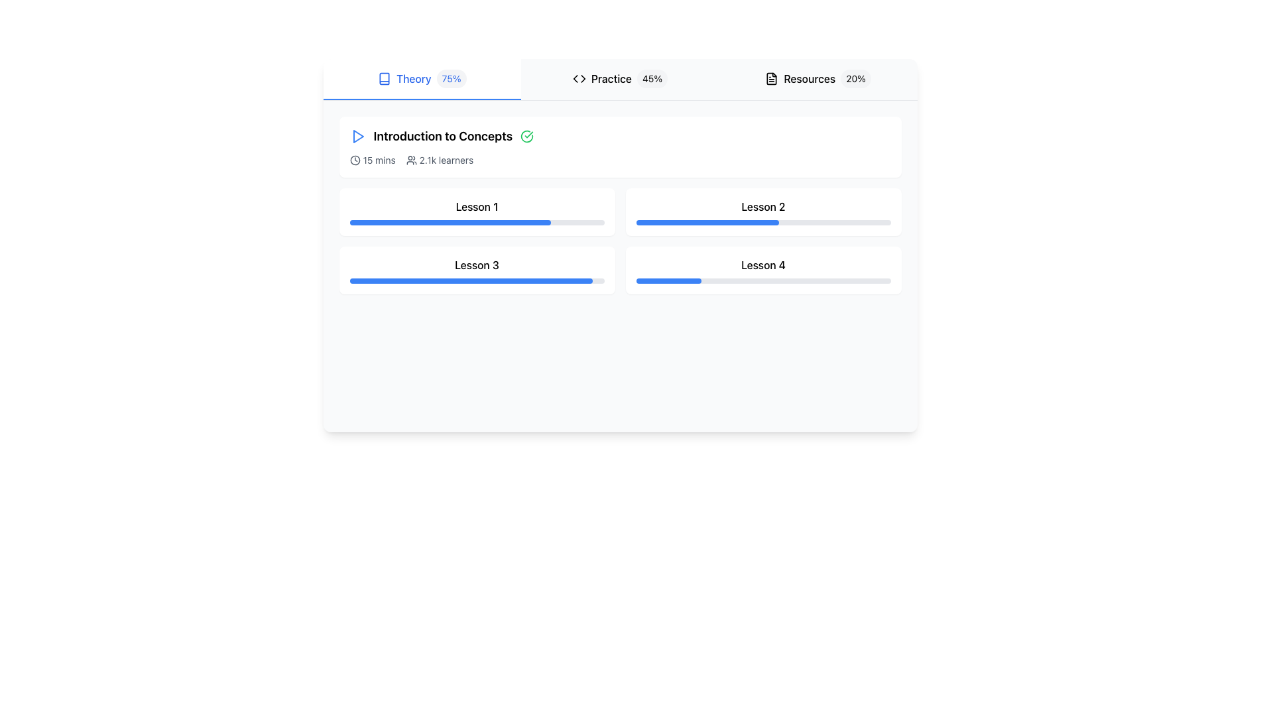 The image size is (1273, 716). I want to click on textual content of the label indicating the number of learners associated with the course or module, located to the right of the '15 mins' label under the title 'Introduction to Concepts', so click(440, 160).